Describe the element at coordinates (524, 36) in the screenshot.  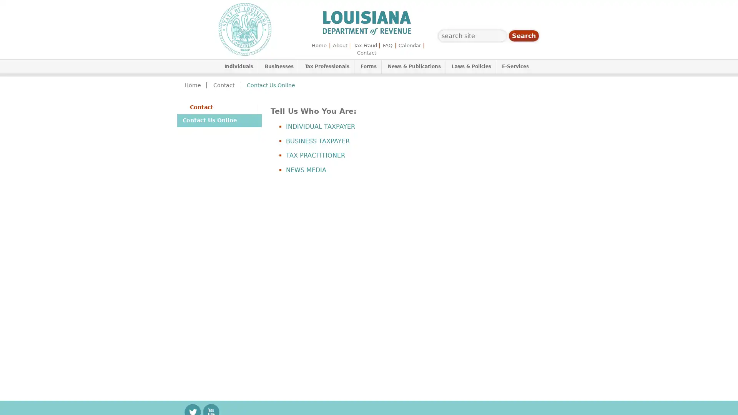
I see `Search` at that location.